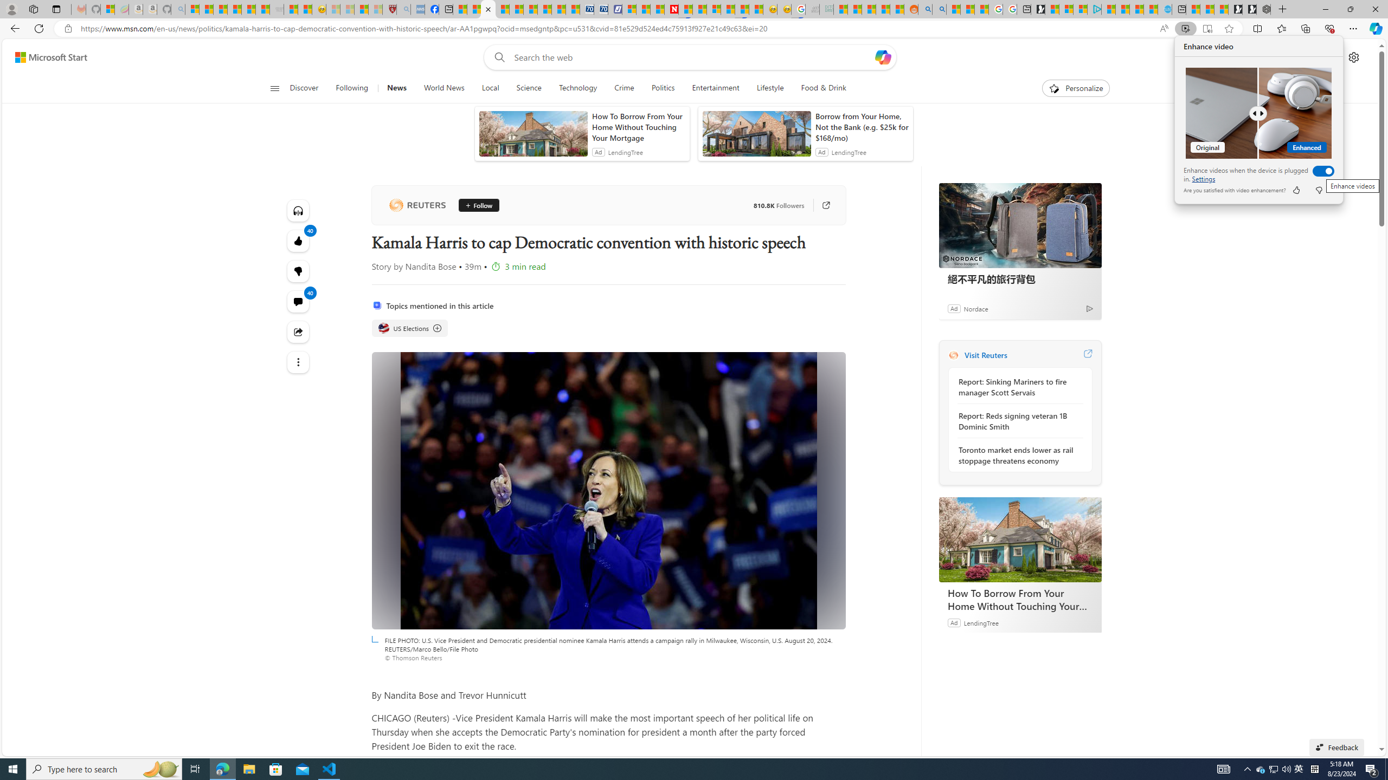 Image resolution: width=1388 pixels, height=780 pixels. Describe the element at coordinates (298, 361) in the screenshot. I see `'Class: at-item'` at that location.